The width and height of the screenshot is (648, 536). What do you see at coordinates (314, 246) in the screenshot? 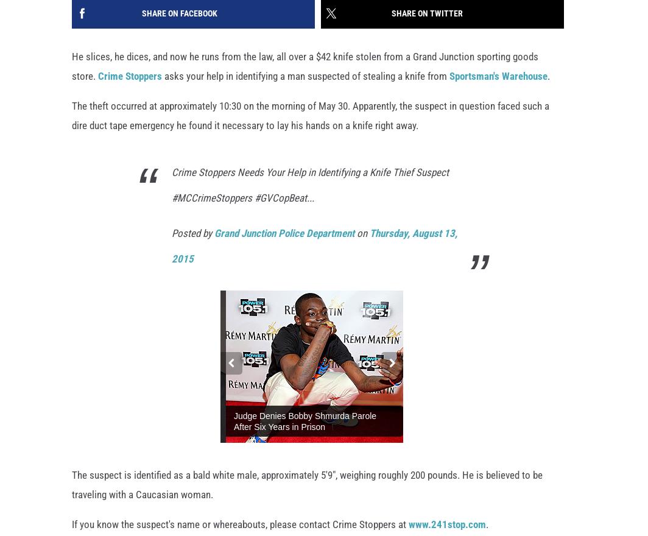
I see `'Thursday, August 13, 2015'` at bounding box center [314, 246].